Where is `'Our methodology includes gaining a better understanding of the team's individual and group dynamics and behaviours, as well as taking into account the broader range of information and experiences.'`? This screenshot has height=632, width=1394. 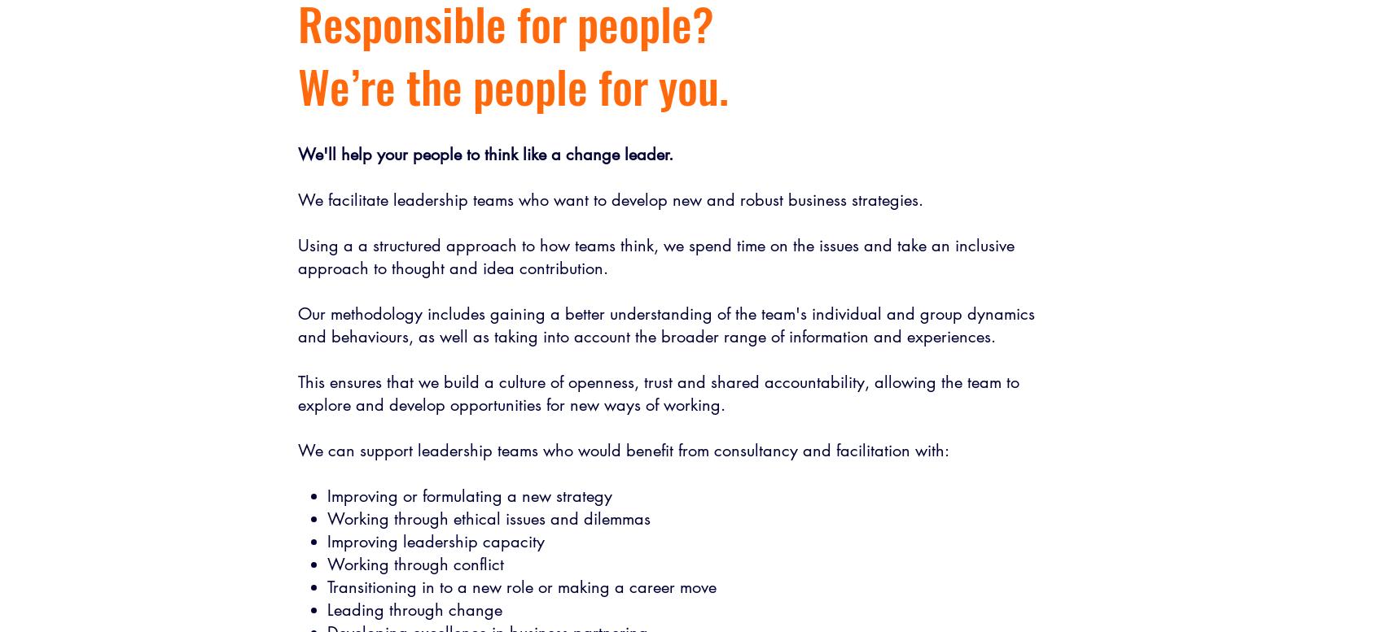
'Our methodology includes gaining a better understanding of the team's individual and group dynamics and behaviours, as well as taking into account the broader range of information and experiences.' is located at coordinates (666, 324).